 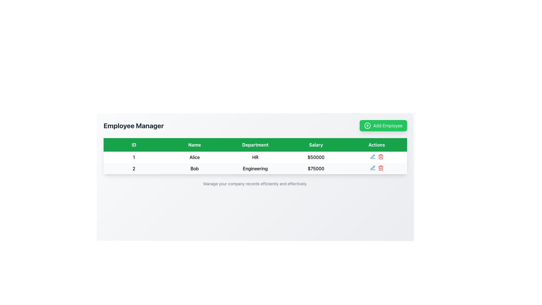 I want to click on on the static text label representing the name of an employee, located in the second row under the 'Name' column of the table, so click(x=194, y=168).